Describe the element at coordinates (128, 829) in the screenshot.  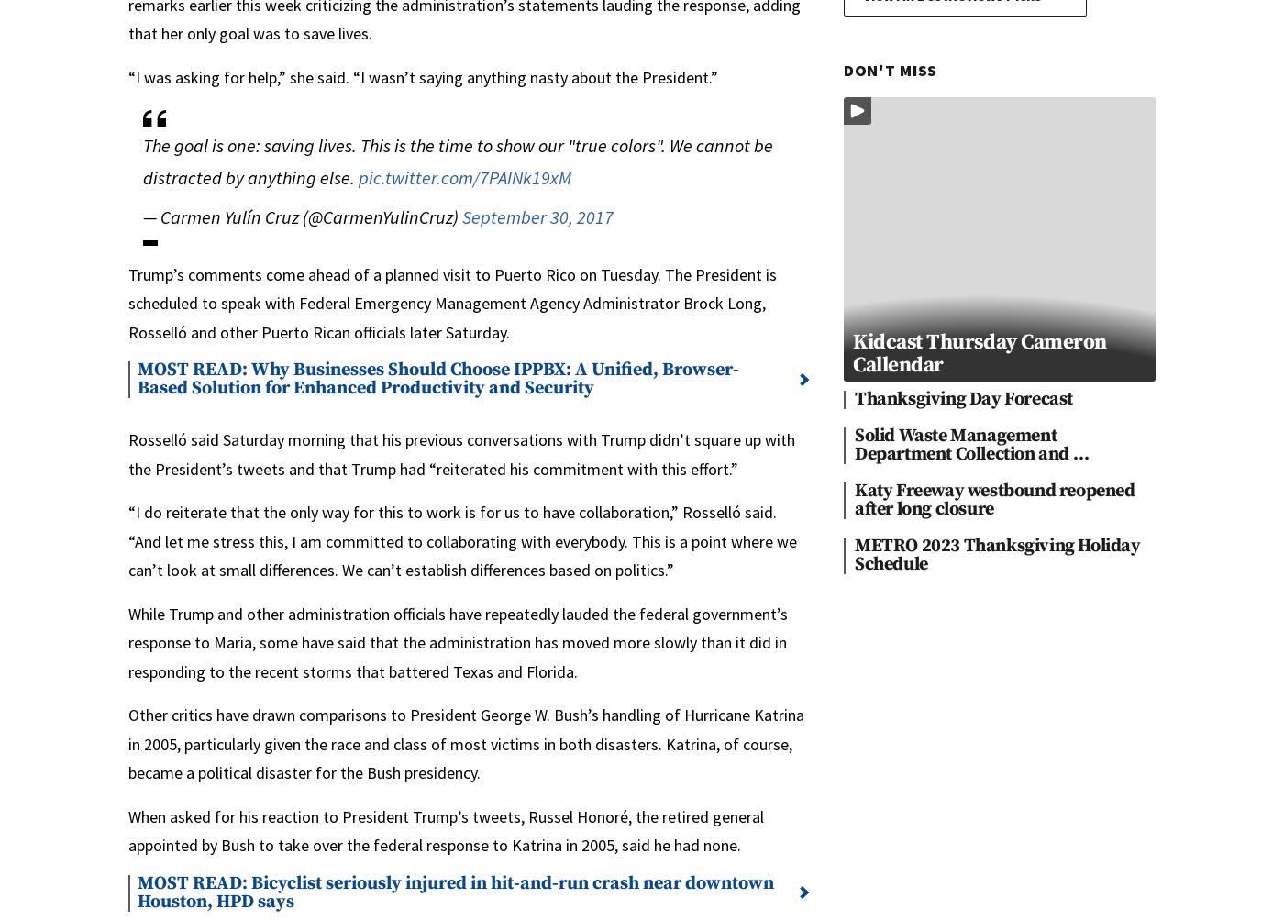
I see `'When asked for his reaction to President Trump’s tweets, Russel Honoré, the retired general appointed by Bush to take over the federal response to Katrina in 2005, said he had none.'` at that location.